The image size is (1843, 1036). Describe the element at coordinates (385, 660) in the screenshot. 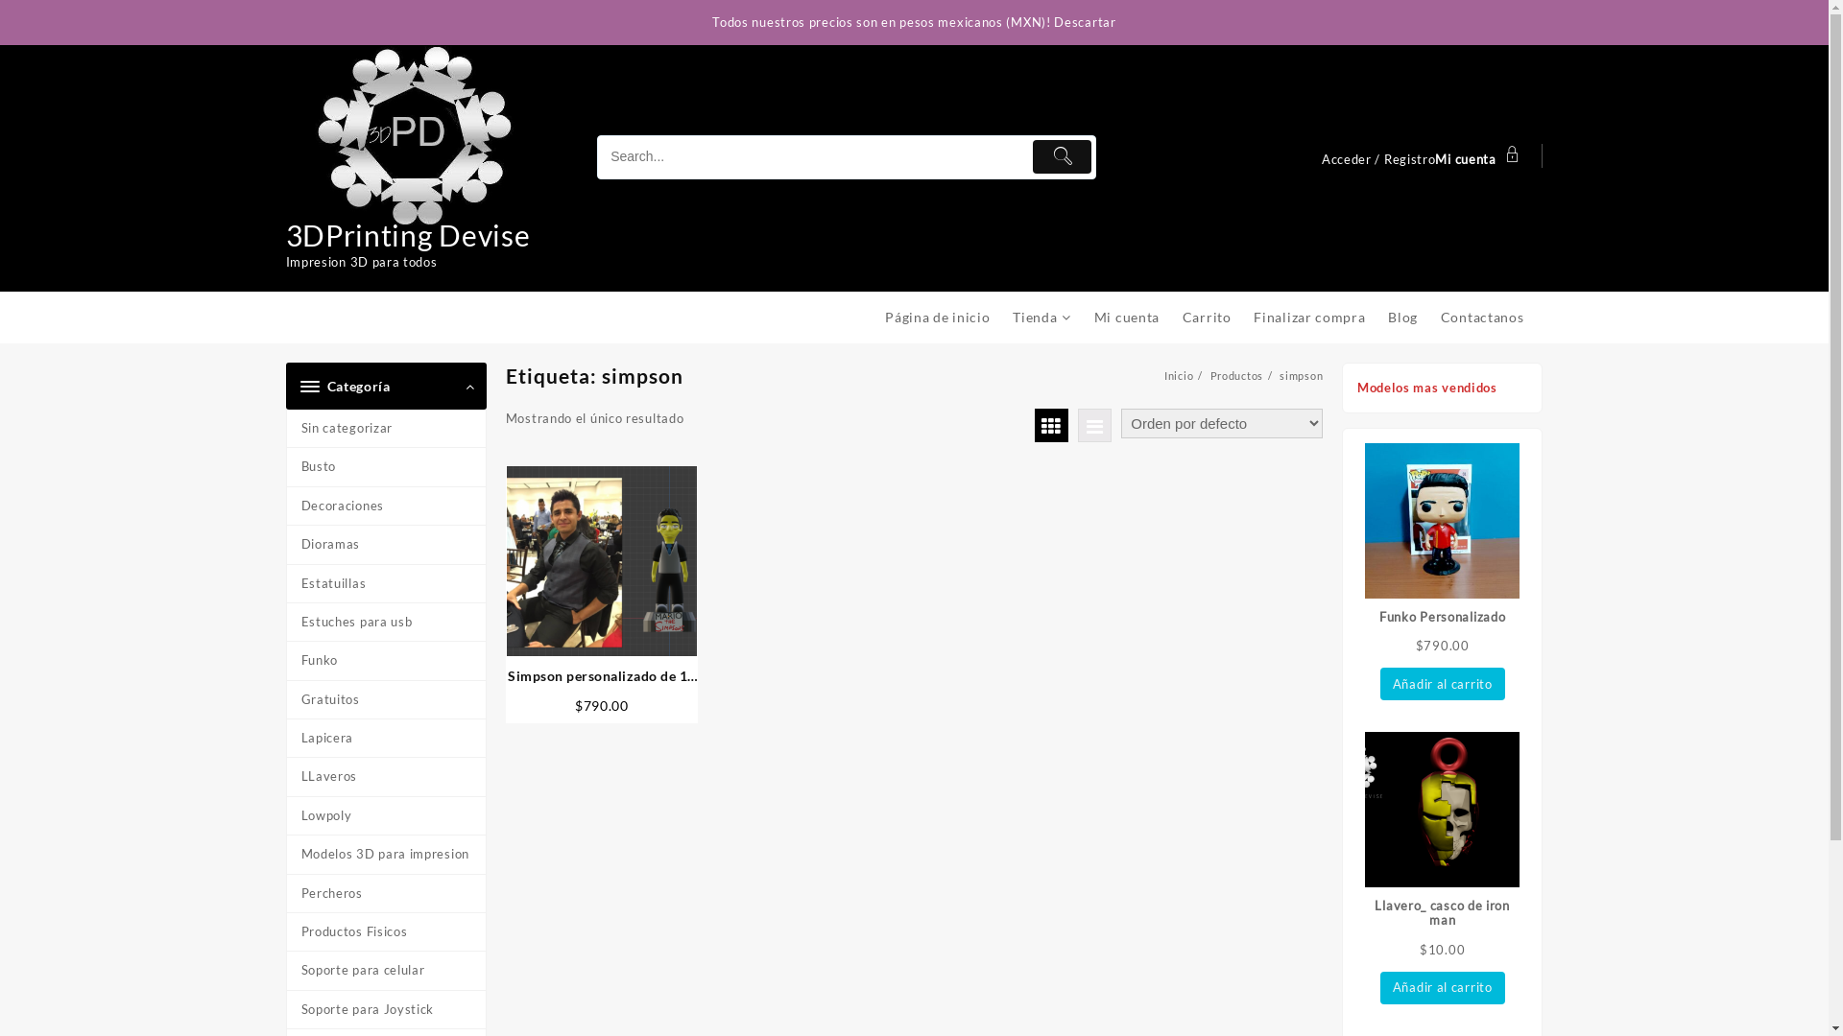

I see `'Funko'` at that location.